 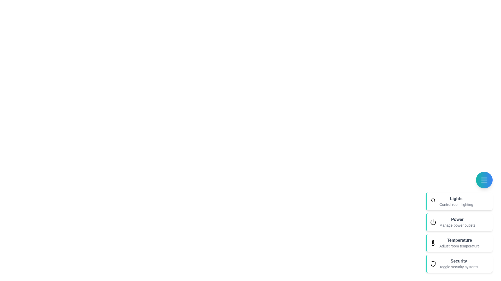 I want to click on the action item Lights to see its hover effect, so click(x=456, y=201).